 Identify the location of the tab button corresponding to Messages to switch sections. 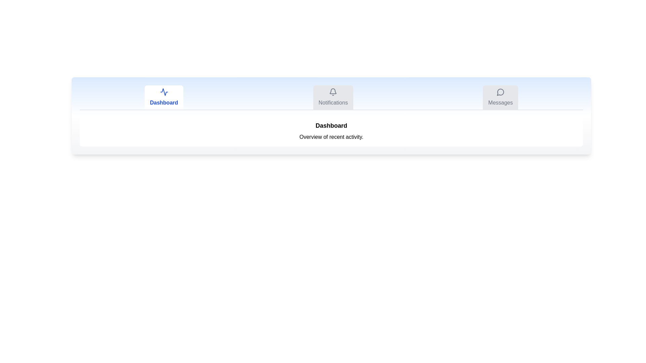
(500, 97).